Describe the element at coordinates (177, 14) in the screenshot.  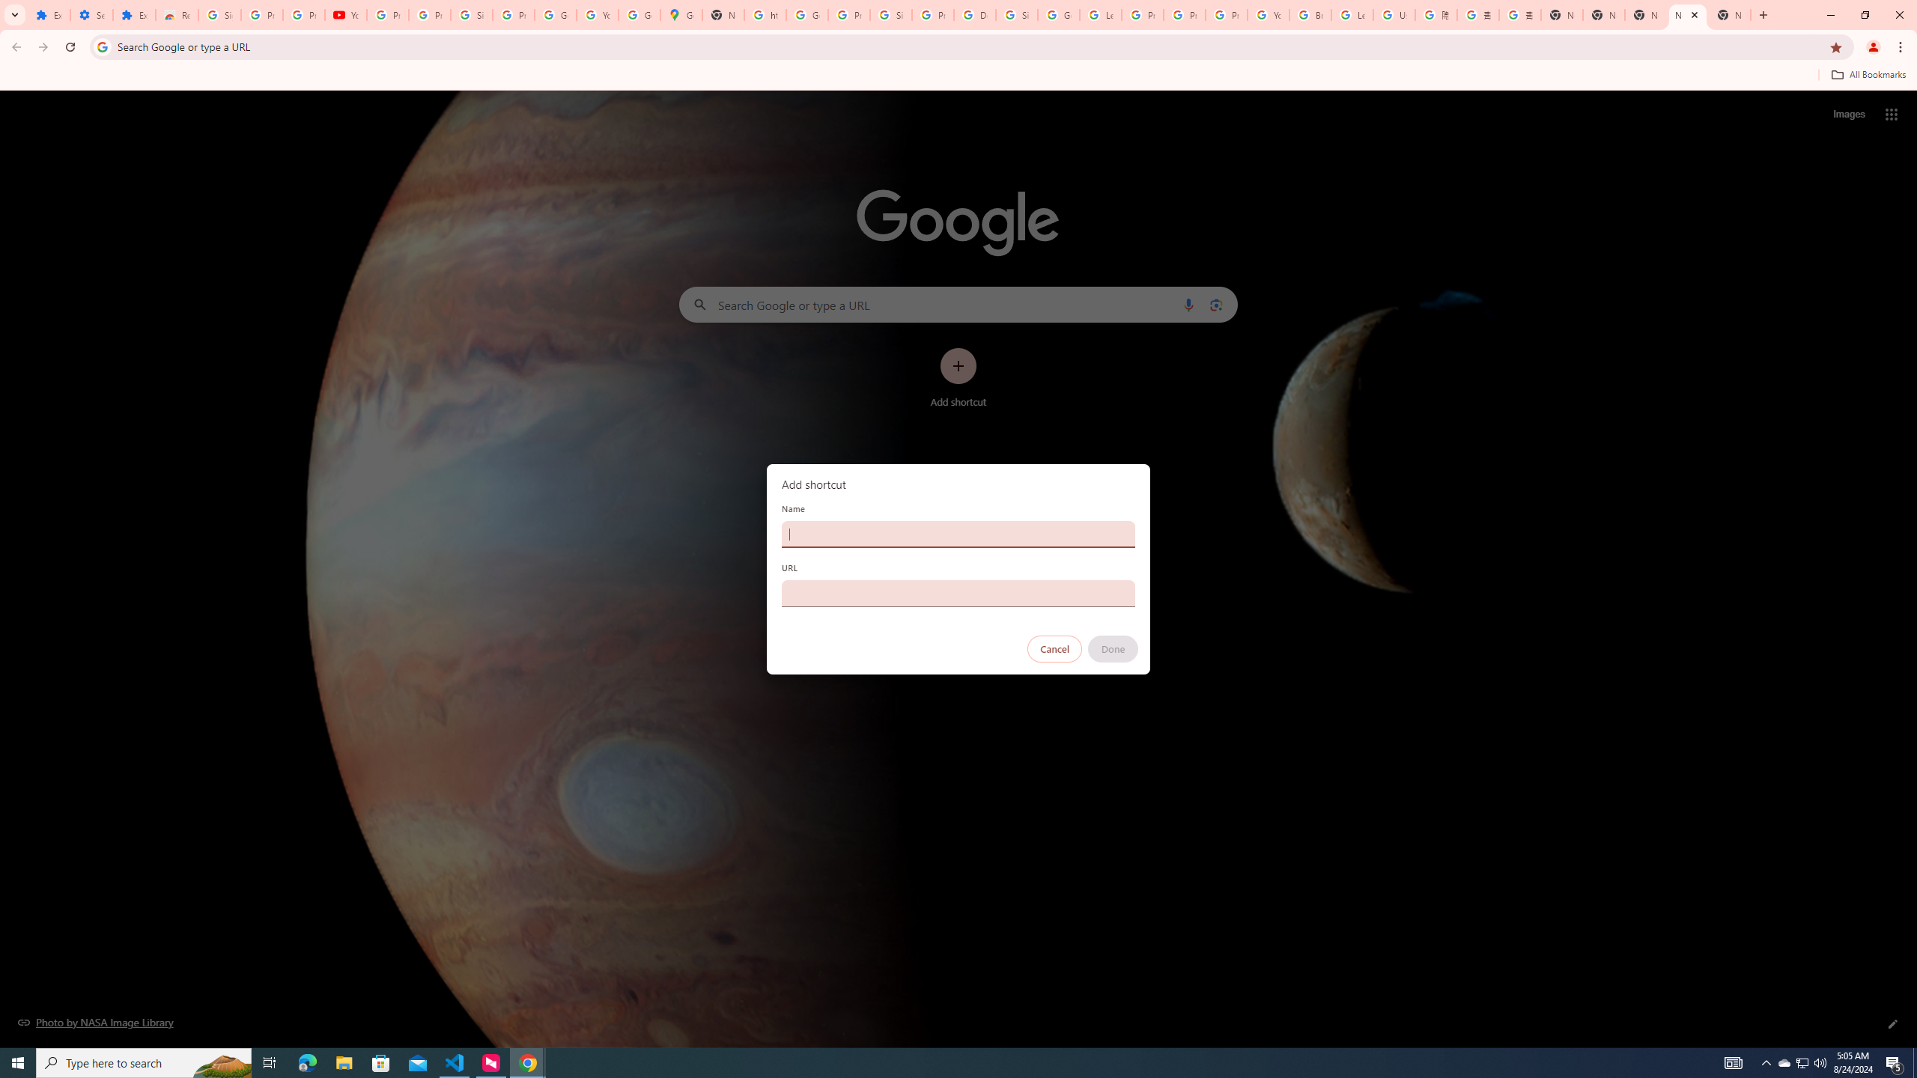
I see `'Reviews: Helix Fruit Jump Arcade Game'` at that location.